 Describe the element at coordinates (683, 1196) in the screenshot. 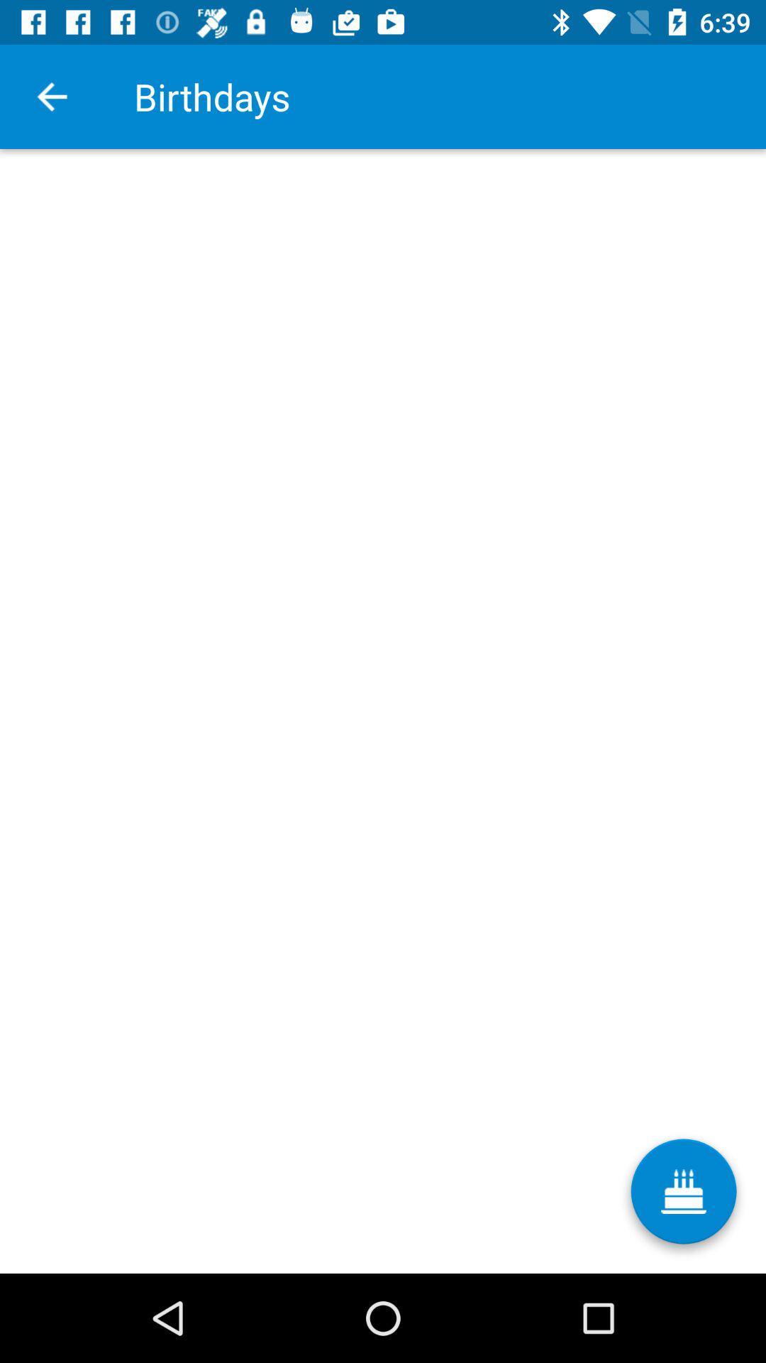

I see `the item at the bottom right corner` at that location.